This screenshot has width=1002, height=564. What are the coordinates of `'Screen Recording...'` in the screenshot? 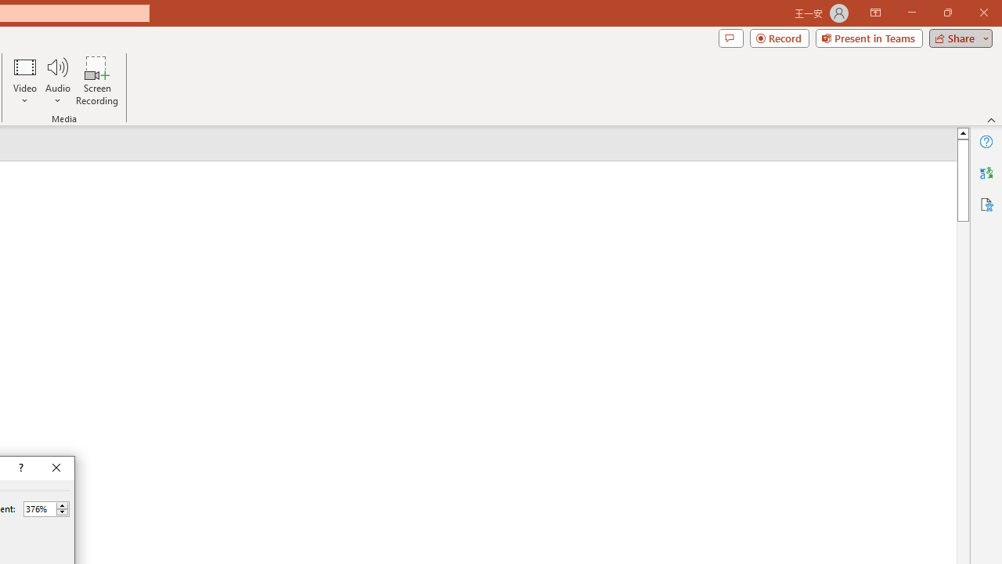 It's located at (96, 81).